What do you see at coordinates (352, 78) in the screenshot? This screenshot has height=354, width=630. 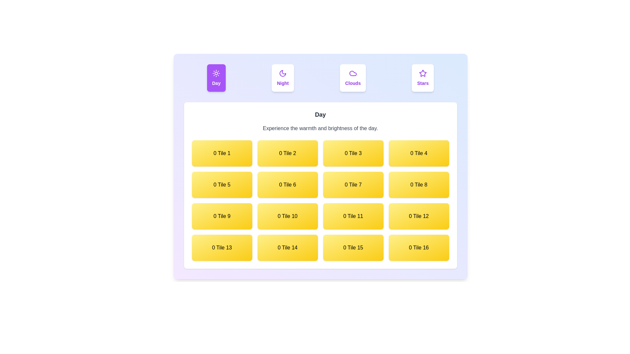 I see `the Clouds tab` at bounding box center [352, 78].